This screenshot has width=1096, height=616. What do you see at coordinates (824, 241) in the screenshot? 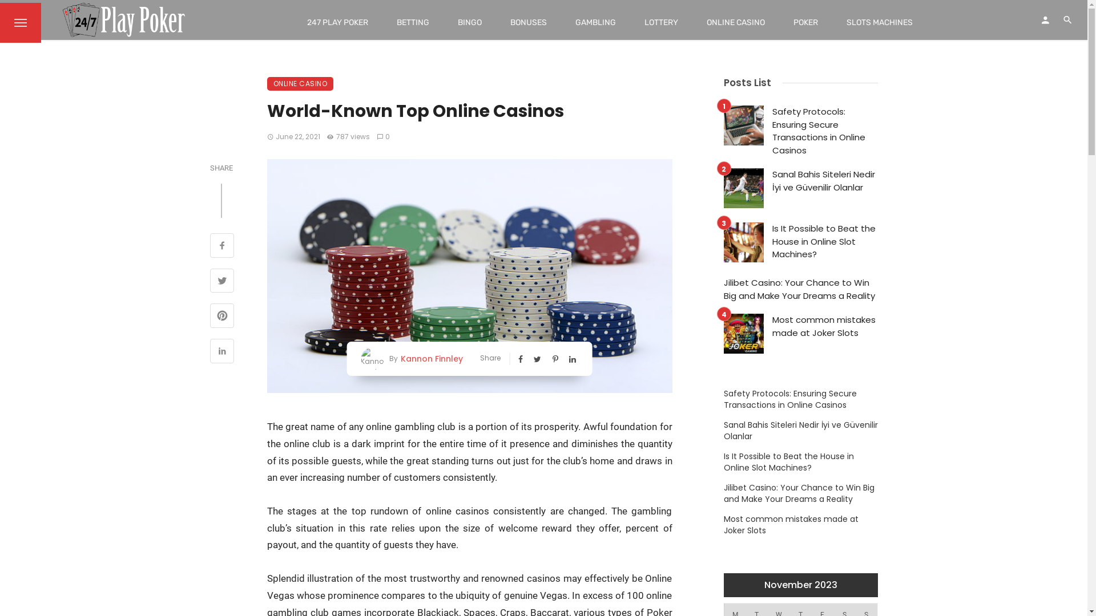
I see `'Is It Possible to Beat the House in Online Slot Machines?'` at bounding box center [824, 241].